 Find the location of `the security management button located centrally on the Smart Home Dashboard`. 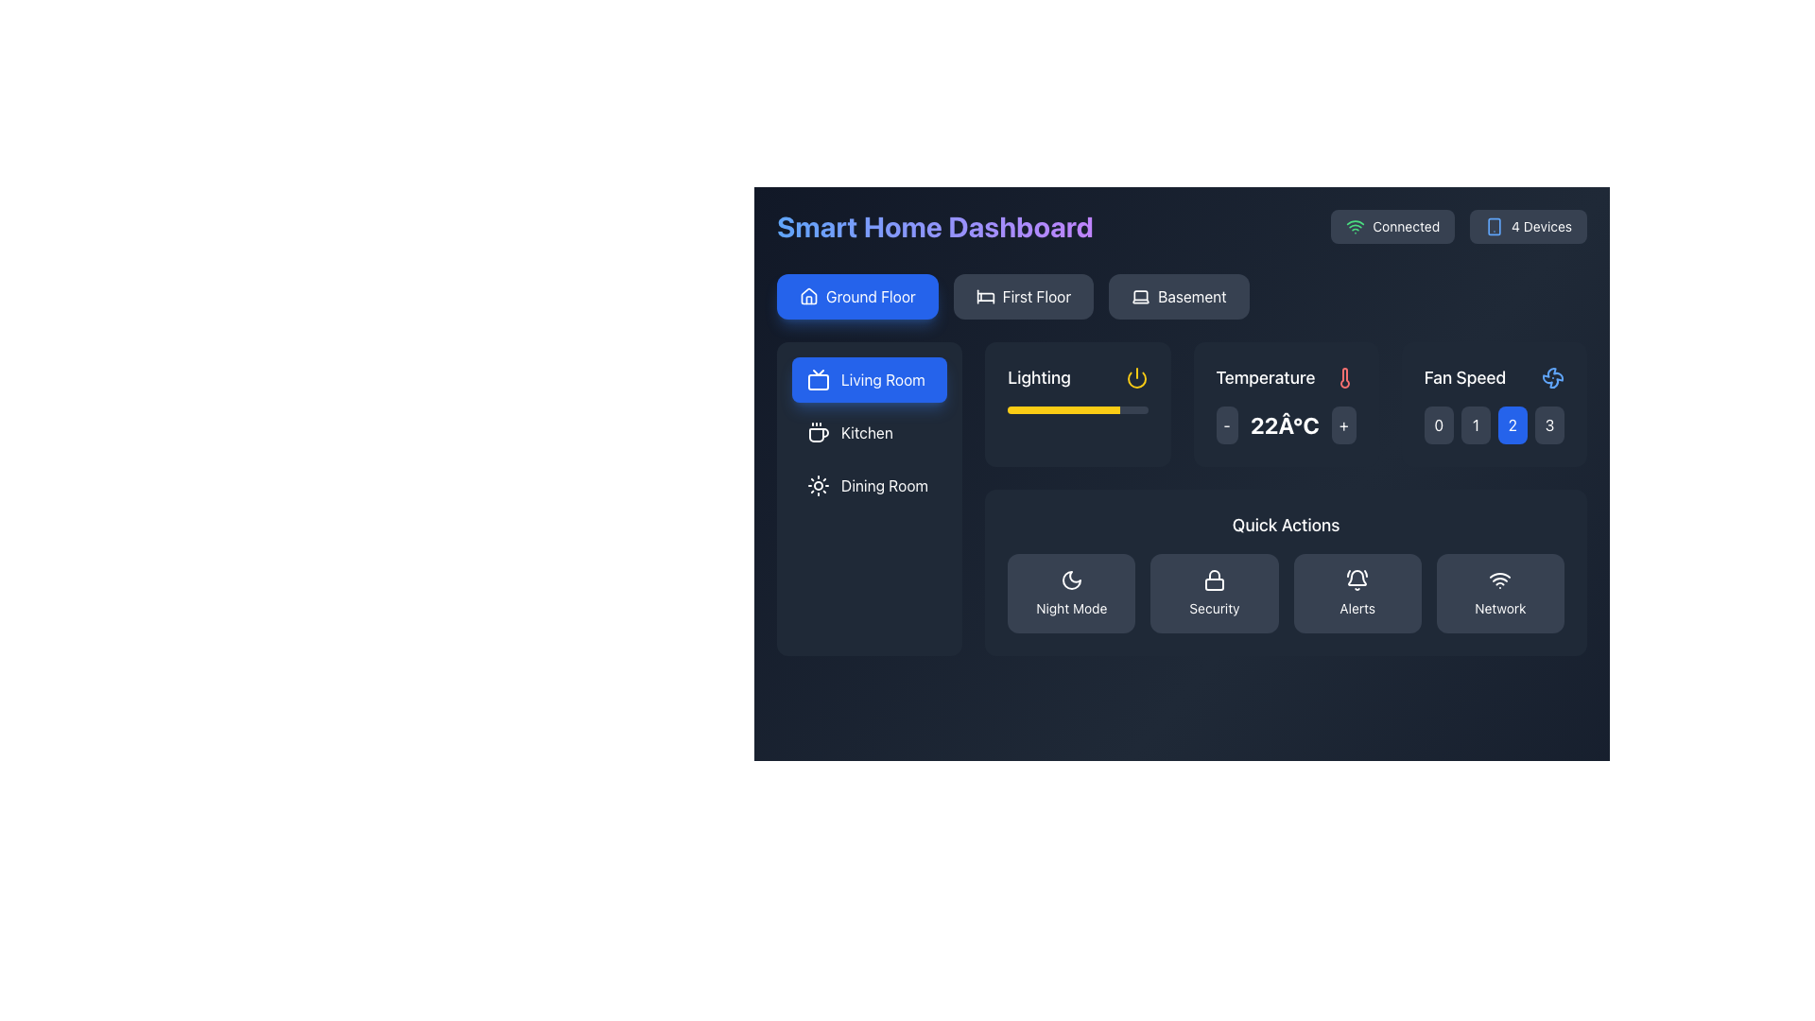

the security management button located centrally on the Smart Home Dashboard is located at coordinates (1215, 593).